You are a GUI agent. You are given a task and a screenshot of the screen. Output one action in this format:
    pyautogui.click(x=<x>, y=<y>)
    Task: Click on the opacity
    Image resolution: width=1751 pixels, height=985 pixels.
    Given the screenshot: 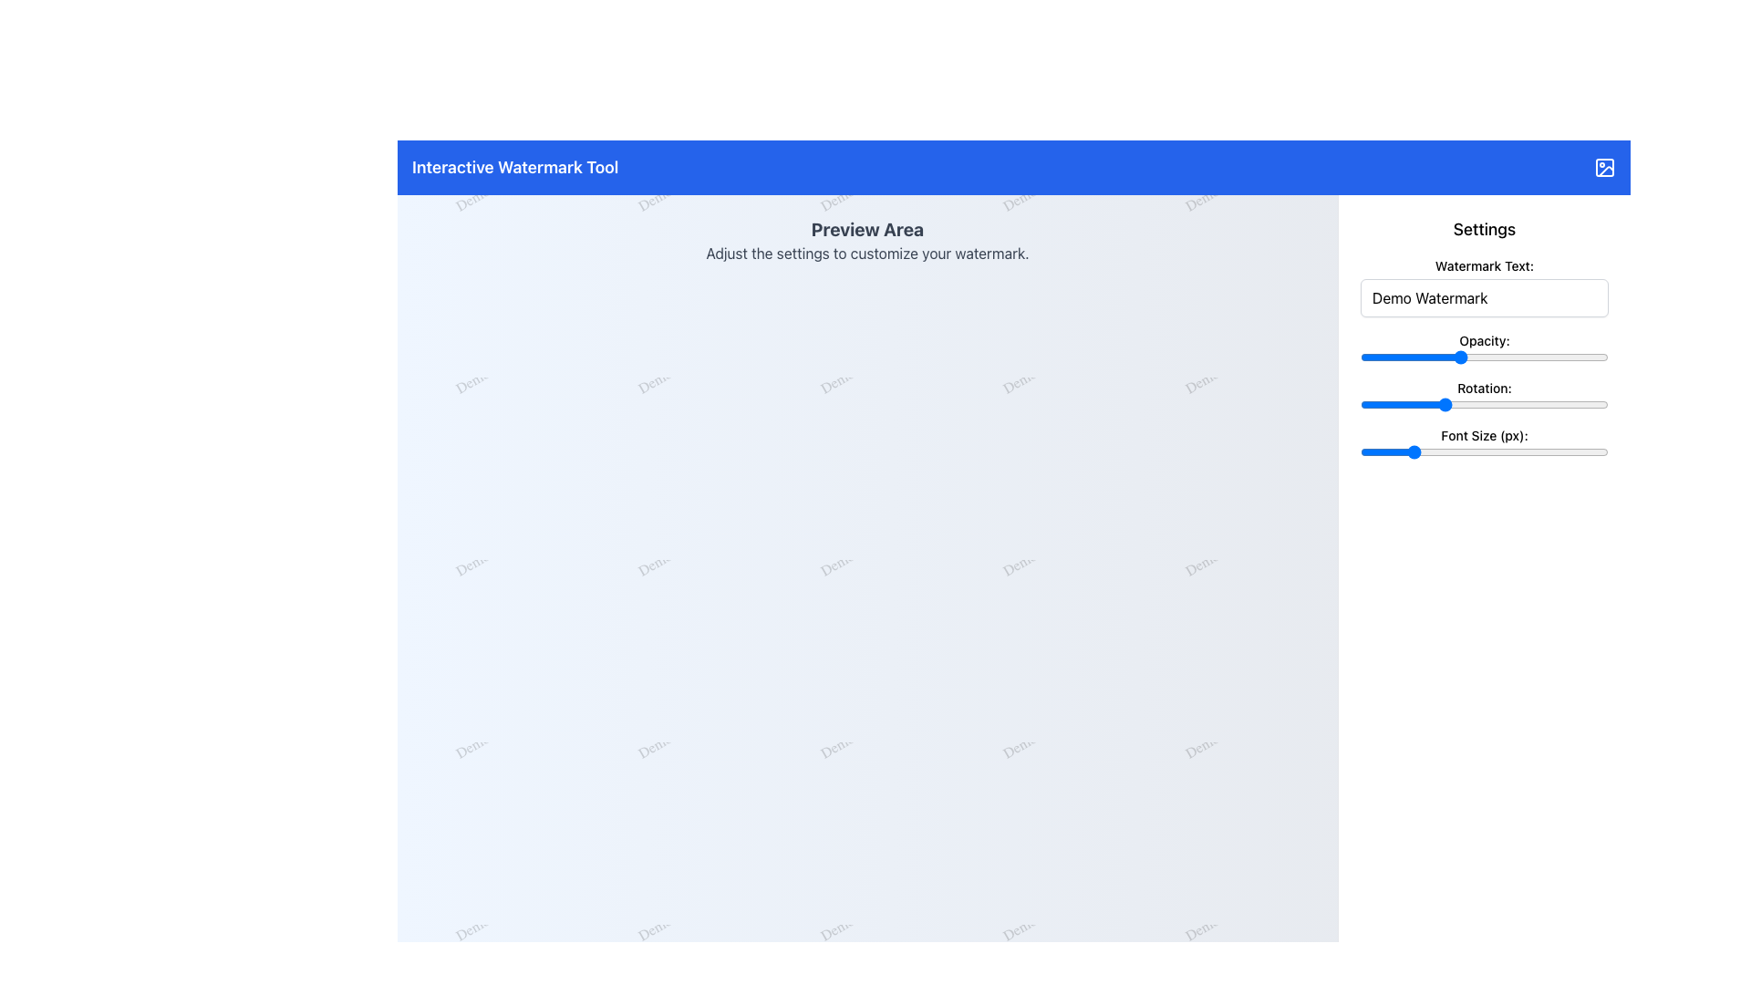 What is the action you would take?
    pyautogui.click(x=1361, y=358)
    